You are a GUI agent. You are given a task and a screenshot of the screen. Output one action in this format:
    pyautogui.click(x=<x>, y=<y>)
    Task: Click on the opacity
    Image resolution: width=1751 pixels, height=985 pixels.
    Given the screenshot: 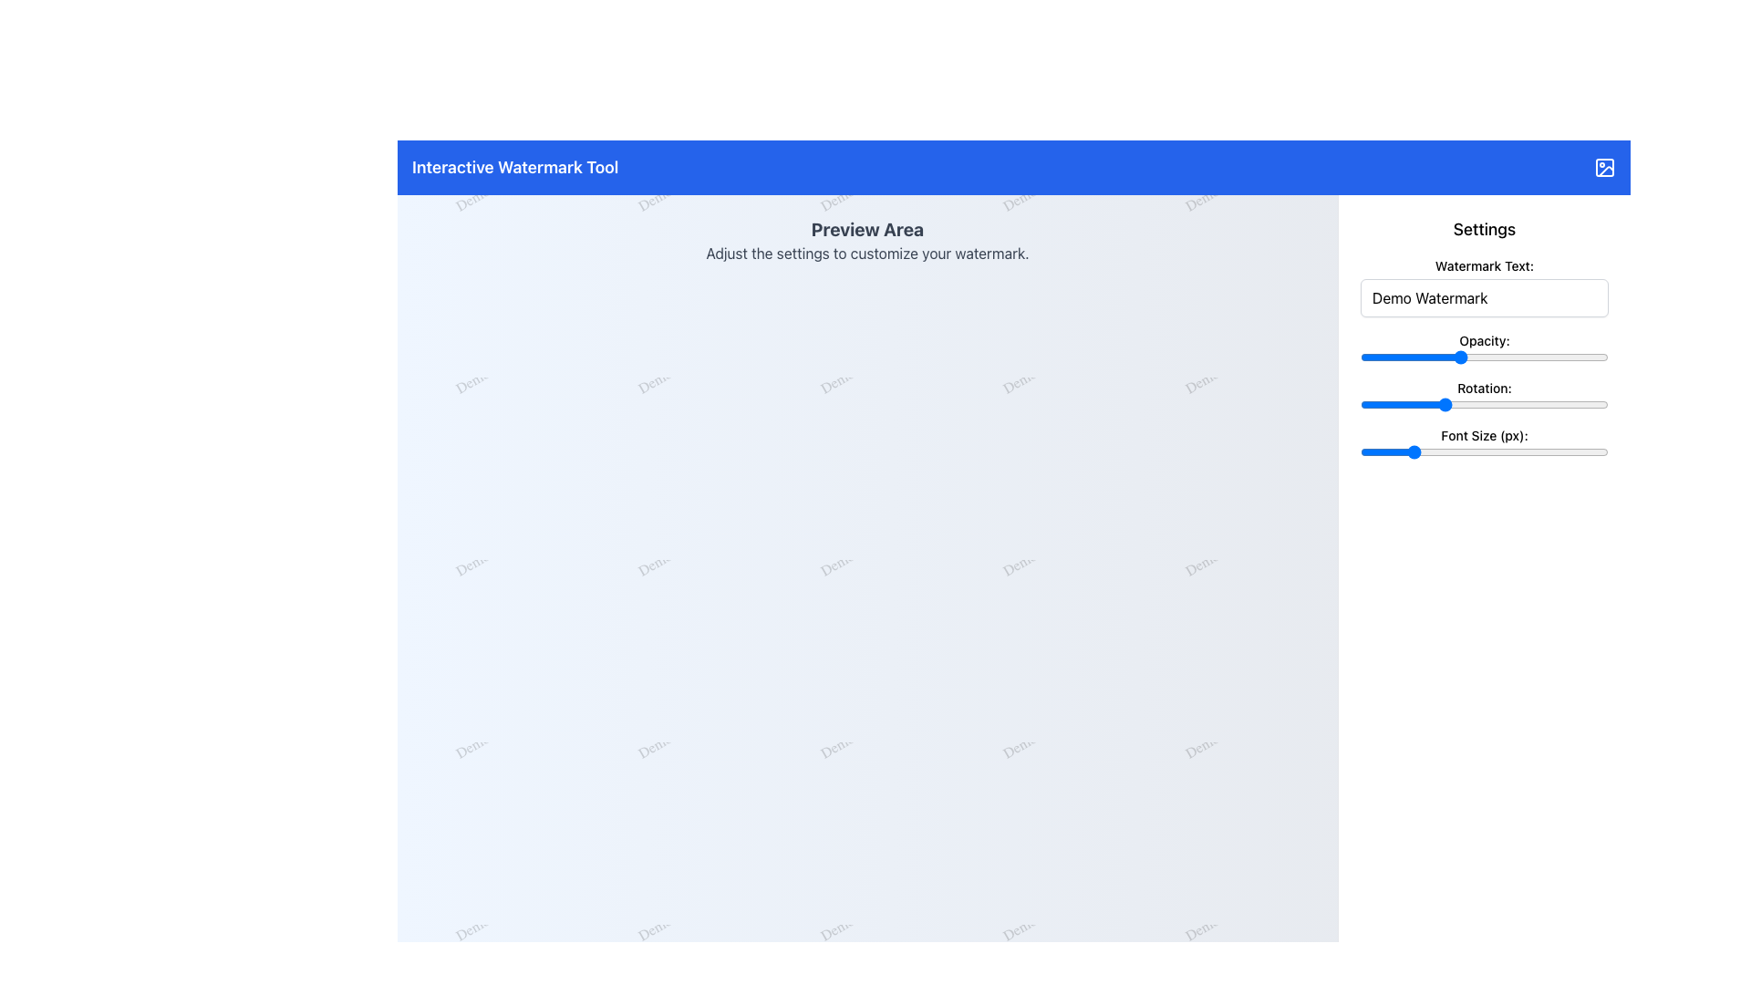 What is the action you would take?
    pyautogui.click(x=1361, y=358)
    